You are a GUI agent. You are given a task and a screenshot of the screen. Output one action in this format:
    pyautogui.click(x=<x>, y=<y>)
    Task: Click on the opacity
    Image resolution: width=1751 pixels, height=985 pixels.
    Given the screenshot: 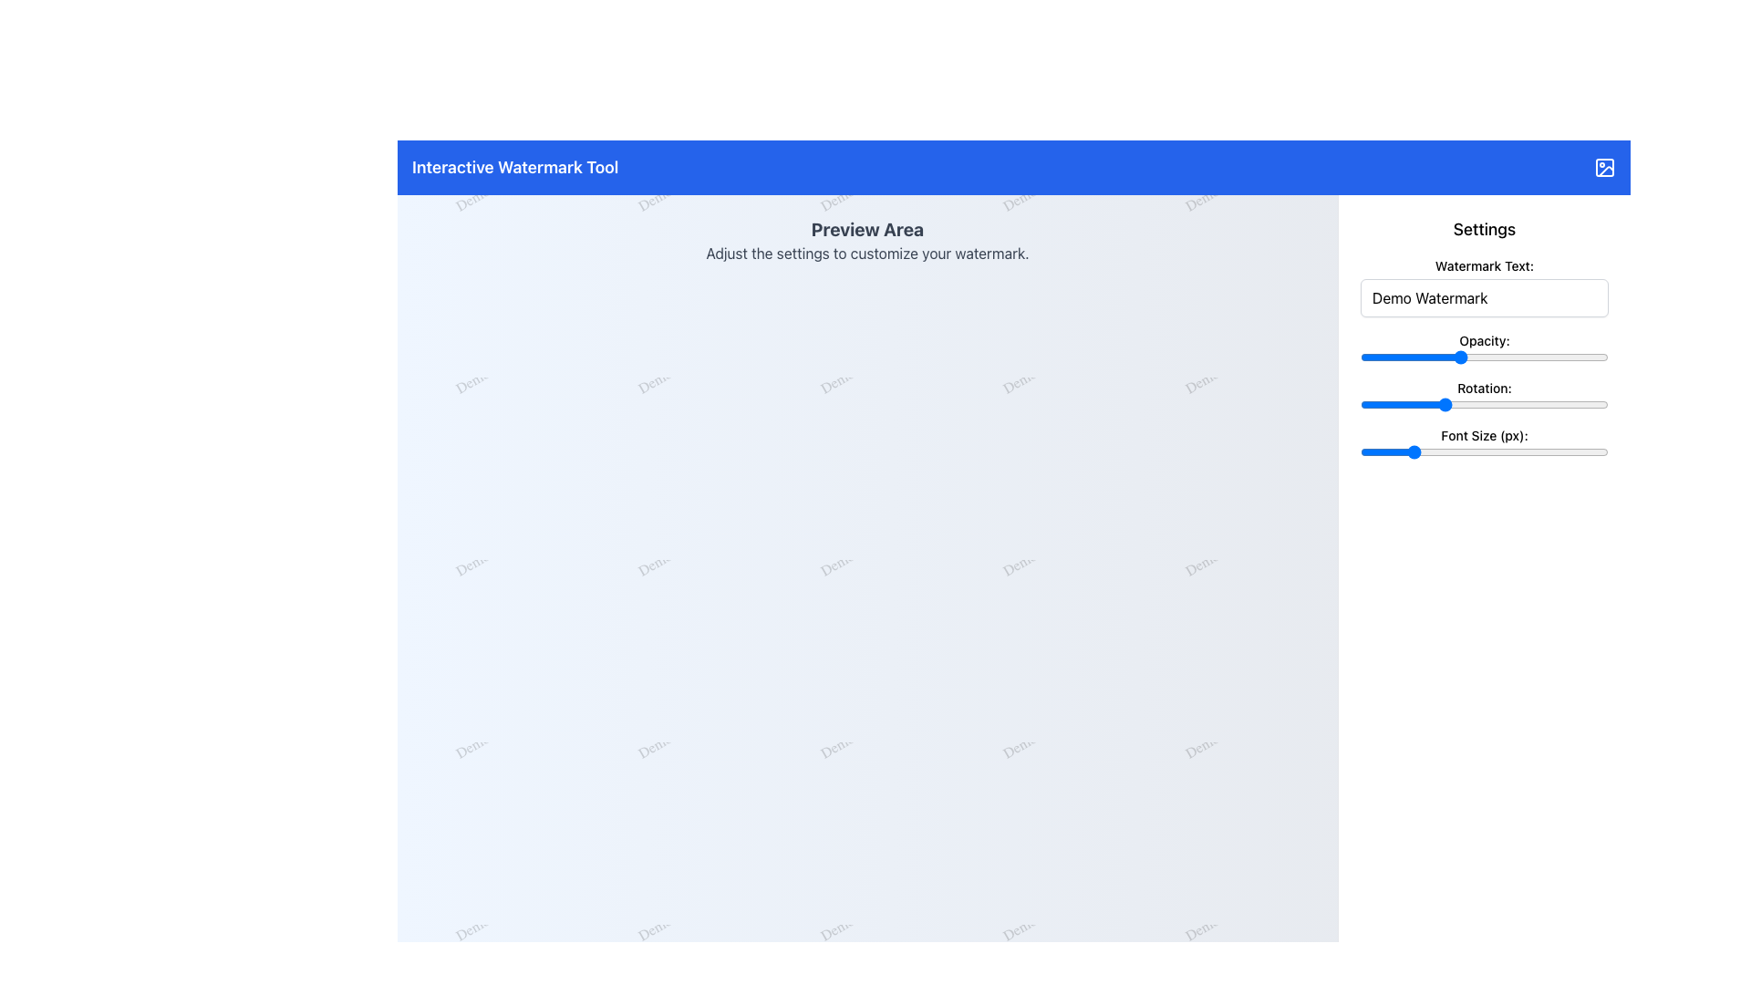 What is the action you would take?
    pyautogui.click(x=1361, y=358)
    